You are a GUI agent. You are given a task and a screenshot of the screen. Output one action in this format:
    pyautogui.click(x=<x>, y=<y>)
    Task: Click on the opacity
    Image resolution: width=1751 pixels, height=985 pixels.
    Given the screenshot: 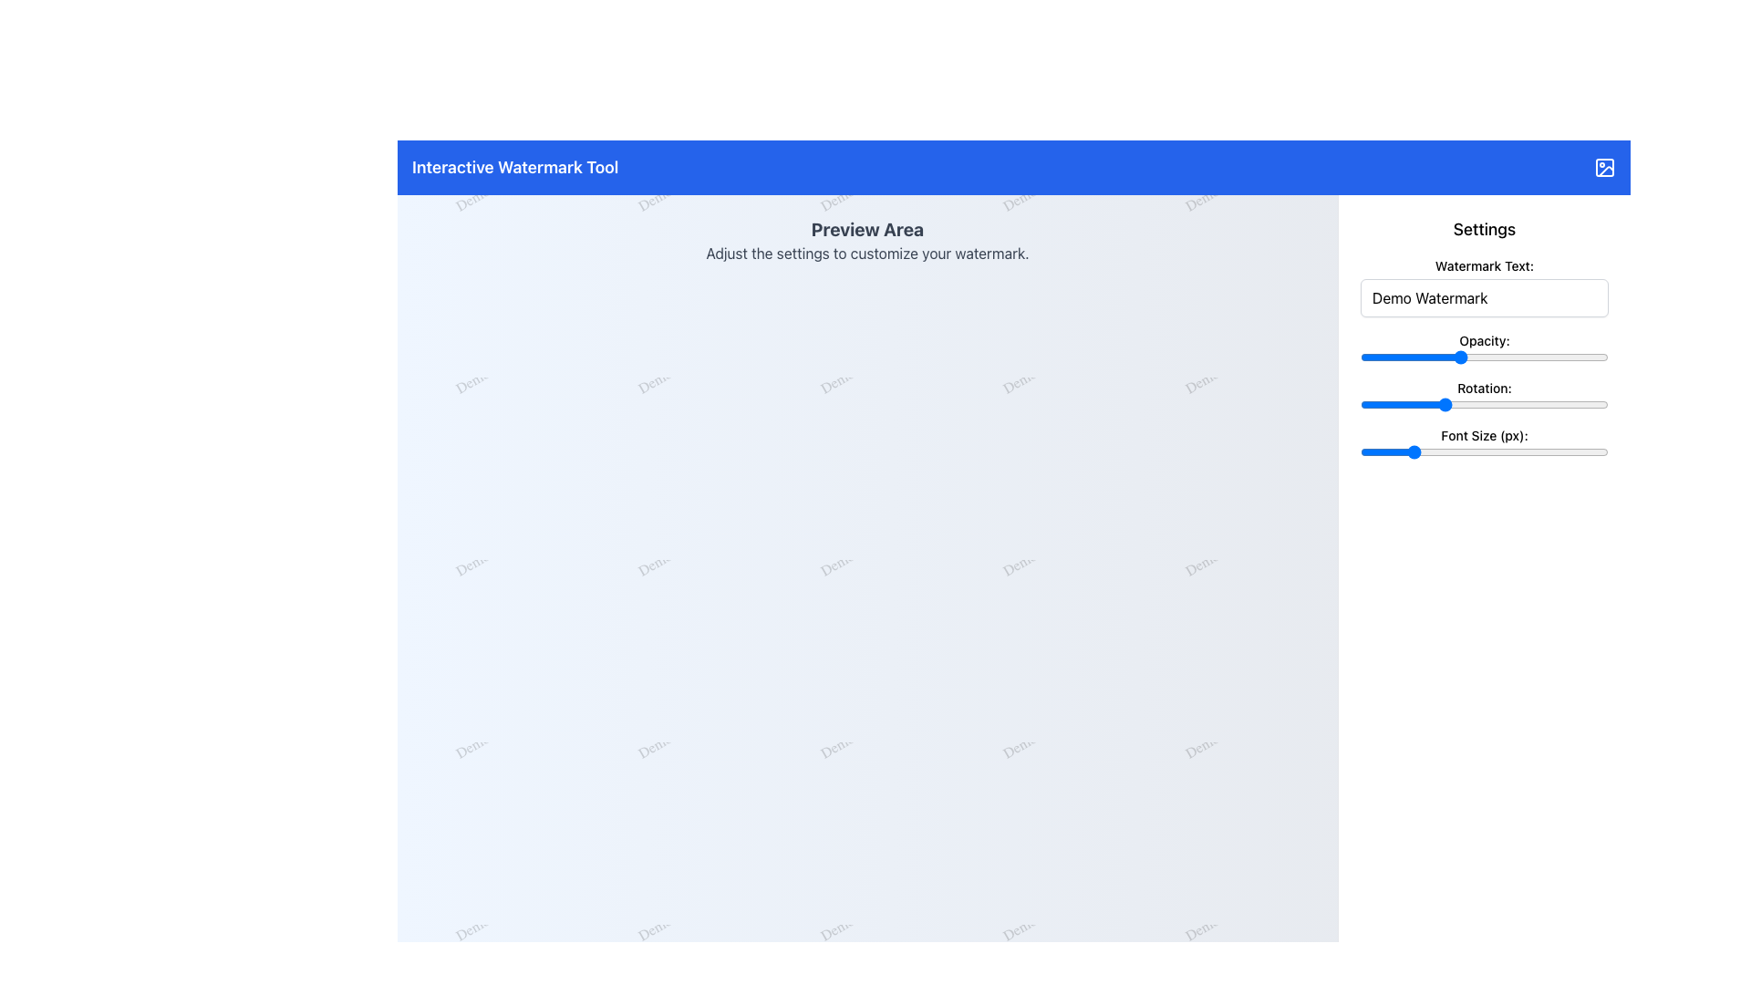 What is the action you would take?
    pyautogui.click(x=1361, y=358)
    